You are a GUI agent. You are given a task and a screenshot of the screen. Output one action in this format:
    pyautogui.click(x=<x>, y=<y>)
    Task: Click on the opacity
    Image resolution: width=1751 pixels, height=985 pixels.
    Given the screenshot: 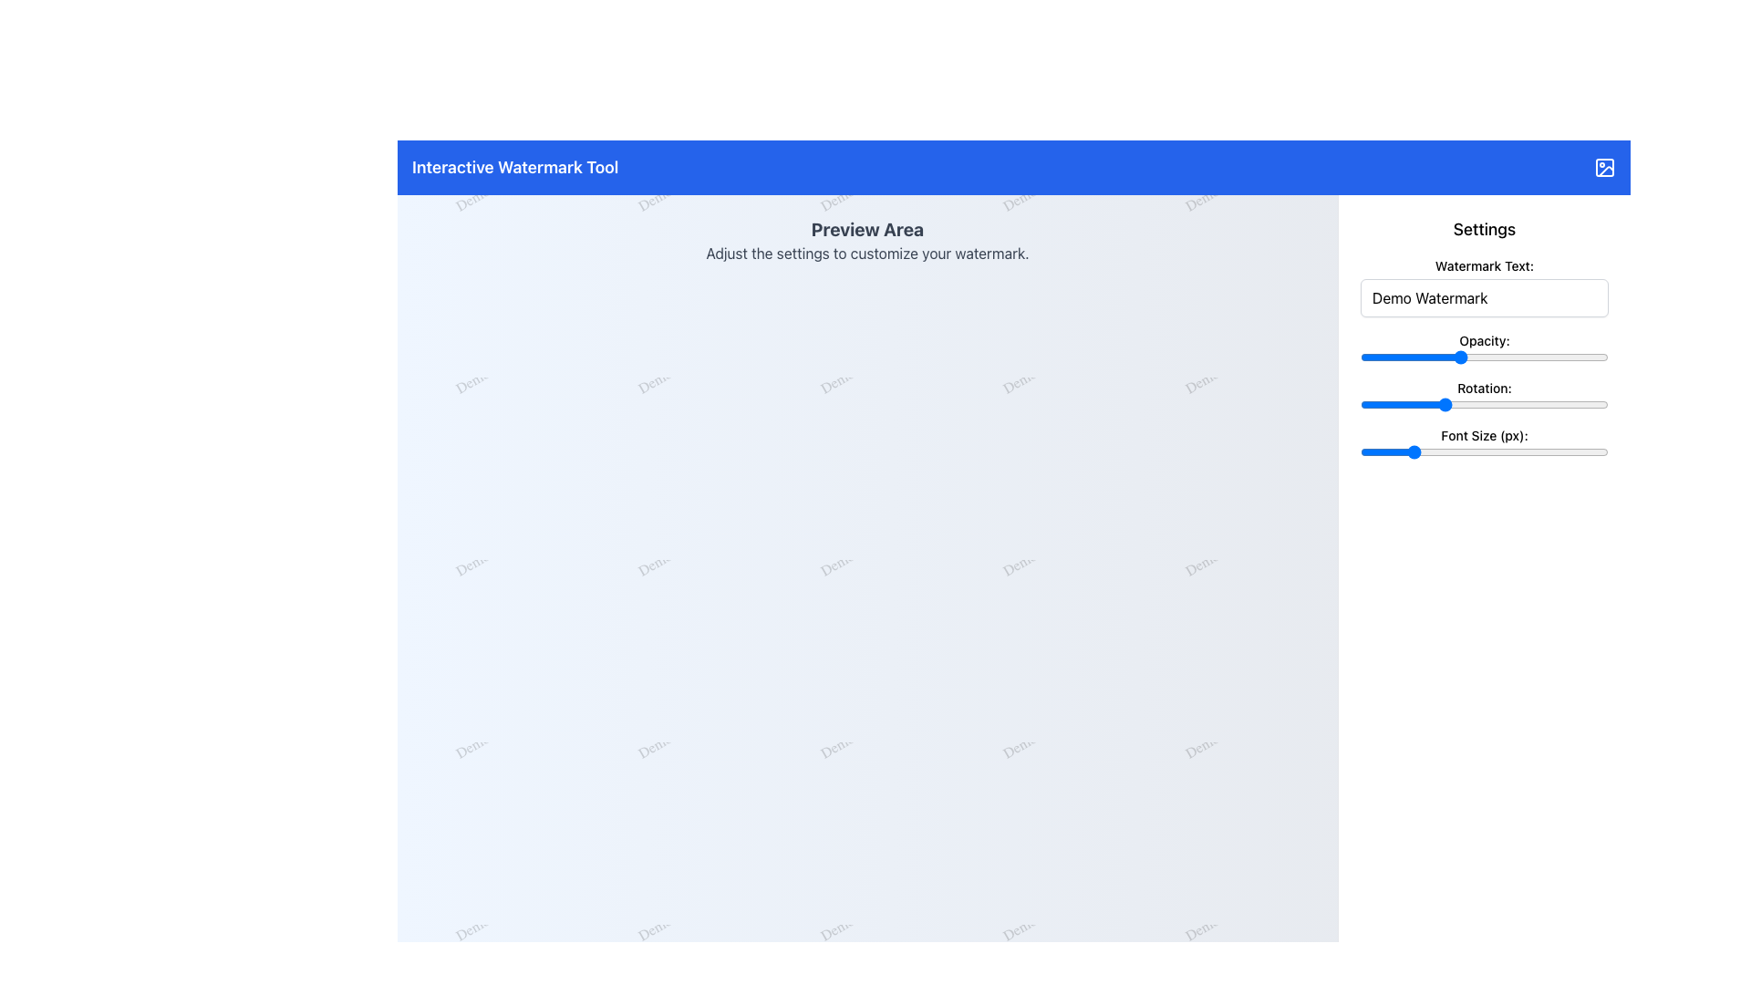 What is the action you would take?
    pyautogui.click(x=1361, y=358)
    